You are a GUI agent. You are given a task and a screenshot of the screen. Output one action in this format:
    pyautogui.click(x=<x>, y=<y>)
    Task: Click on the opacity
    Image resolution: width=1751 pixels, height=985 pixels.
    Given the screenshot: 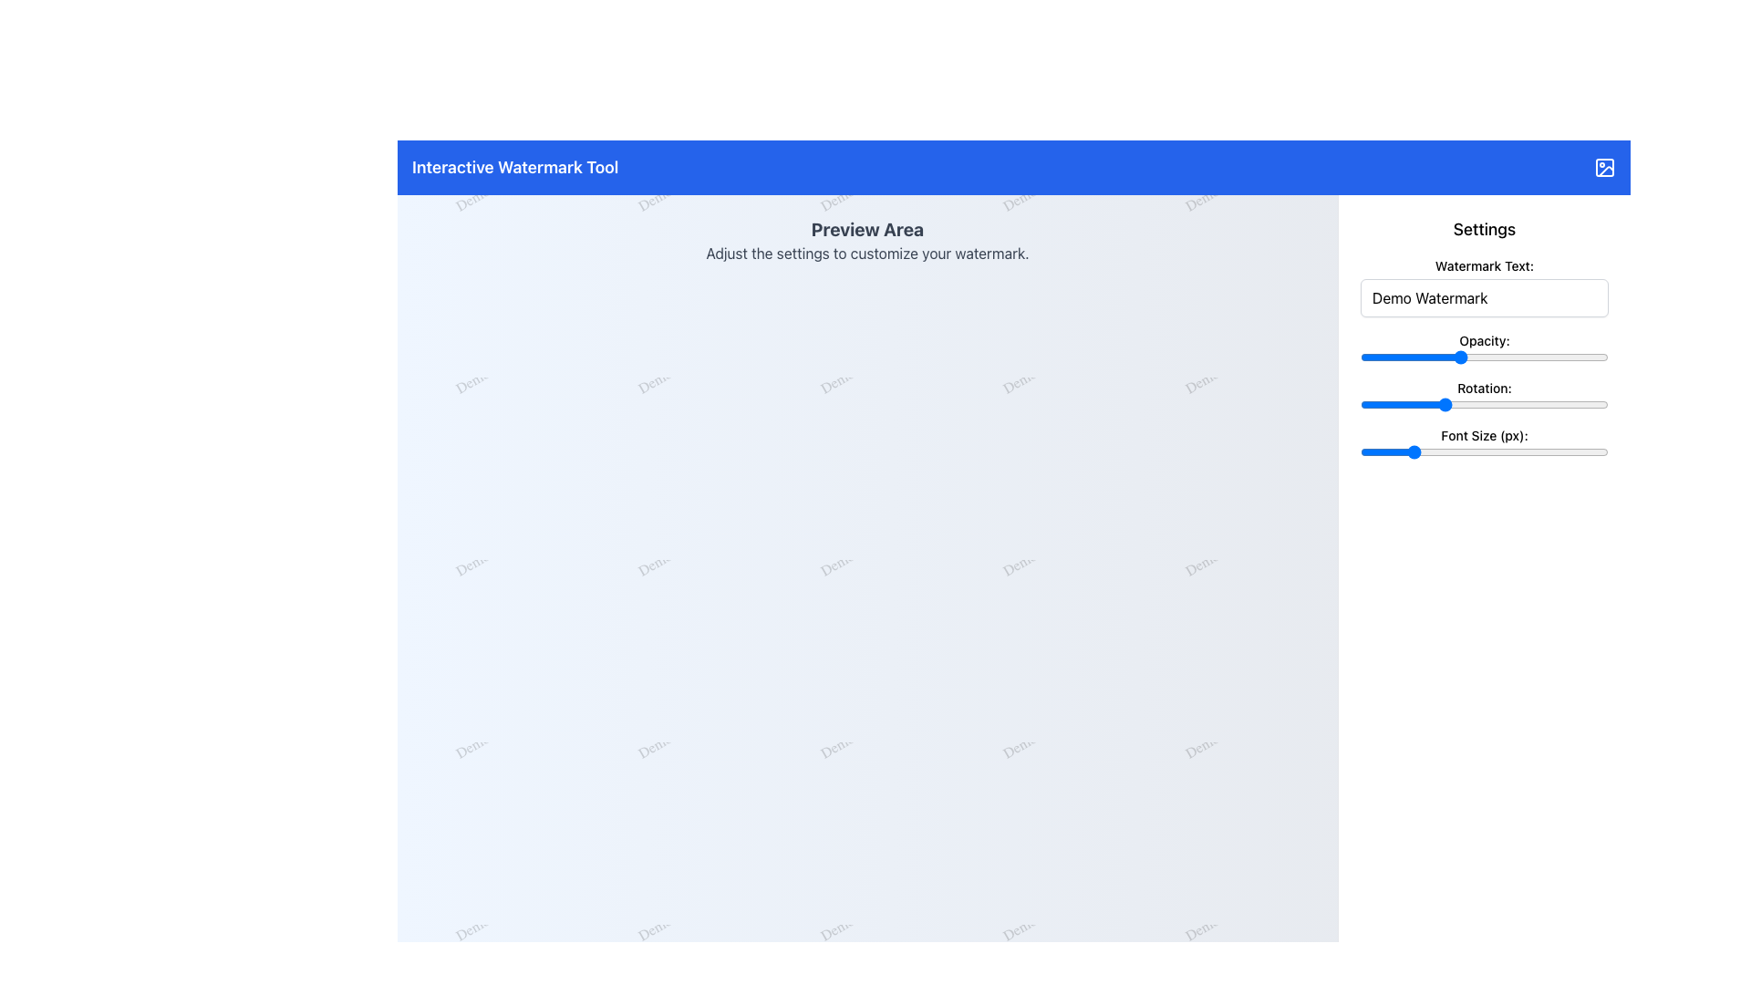 What is the action you would take?
    pyautogui.click(x=1361, y=358)
    